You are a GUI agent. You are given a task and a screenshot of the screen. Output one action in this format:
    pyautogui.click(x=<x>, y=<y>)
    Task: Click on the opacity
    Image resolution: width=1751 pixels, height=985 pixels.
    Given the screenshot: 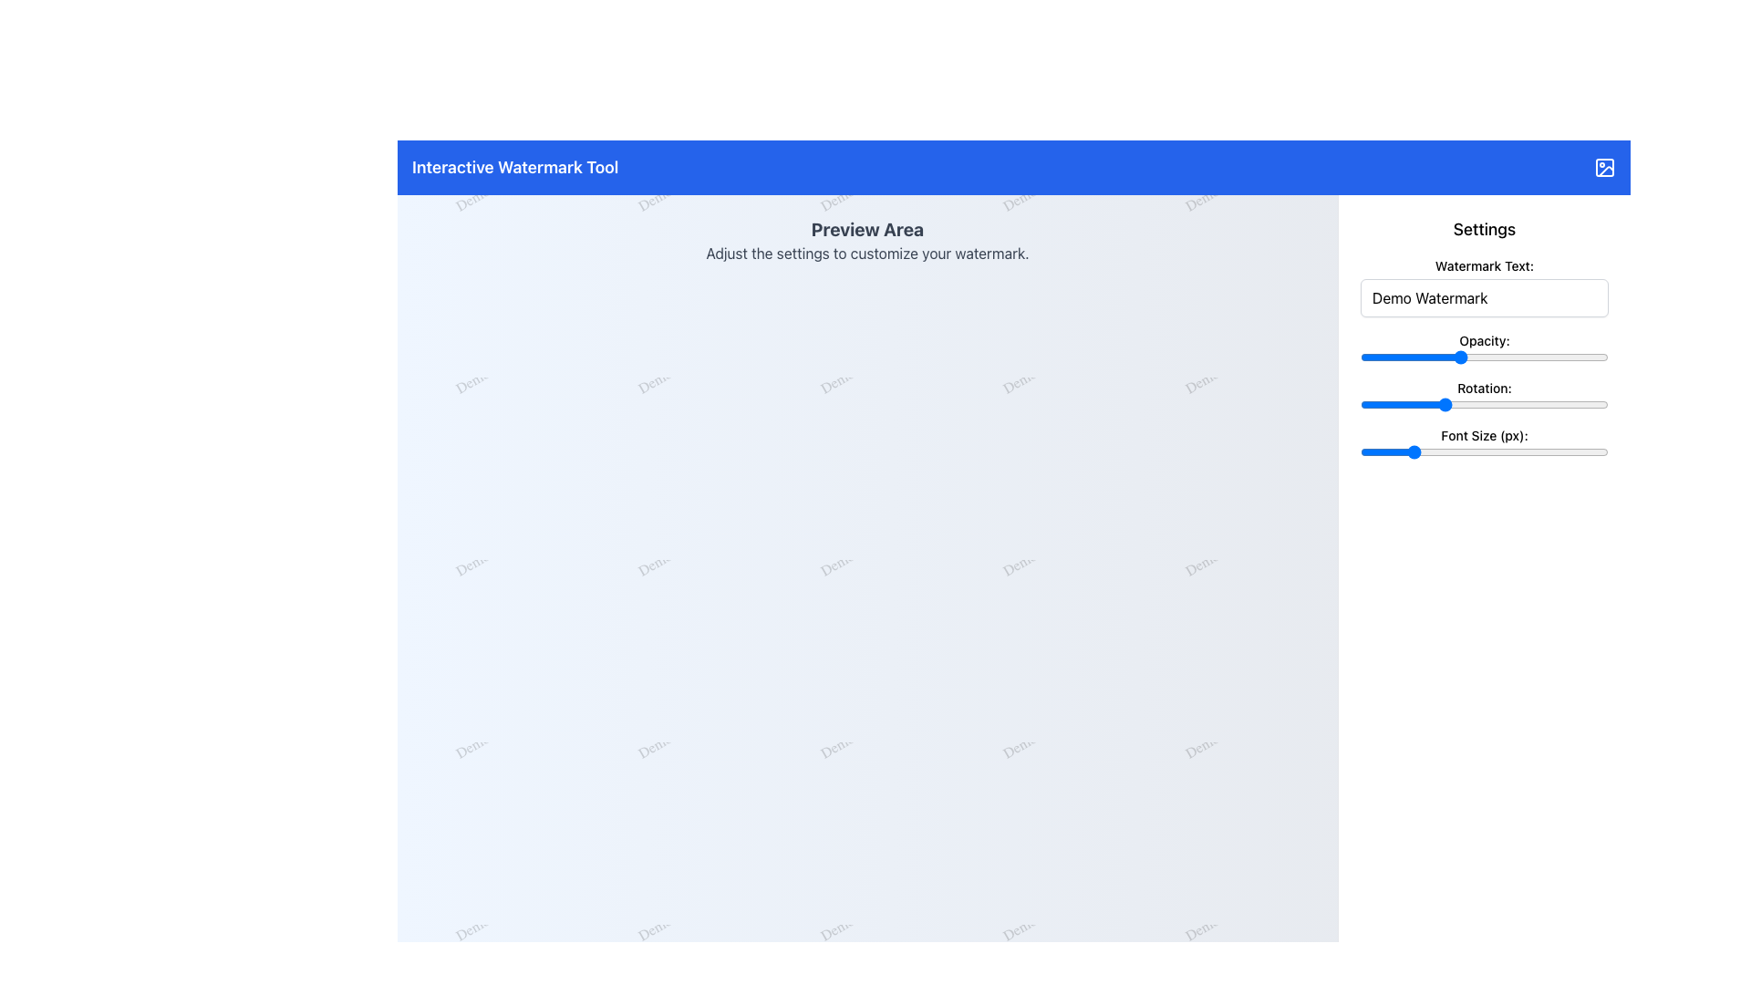 What is the action you would take?
    pyautogui.click(x=1361, y=358)
    